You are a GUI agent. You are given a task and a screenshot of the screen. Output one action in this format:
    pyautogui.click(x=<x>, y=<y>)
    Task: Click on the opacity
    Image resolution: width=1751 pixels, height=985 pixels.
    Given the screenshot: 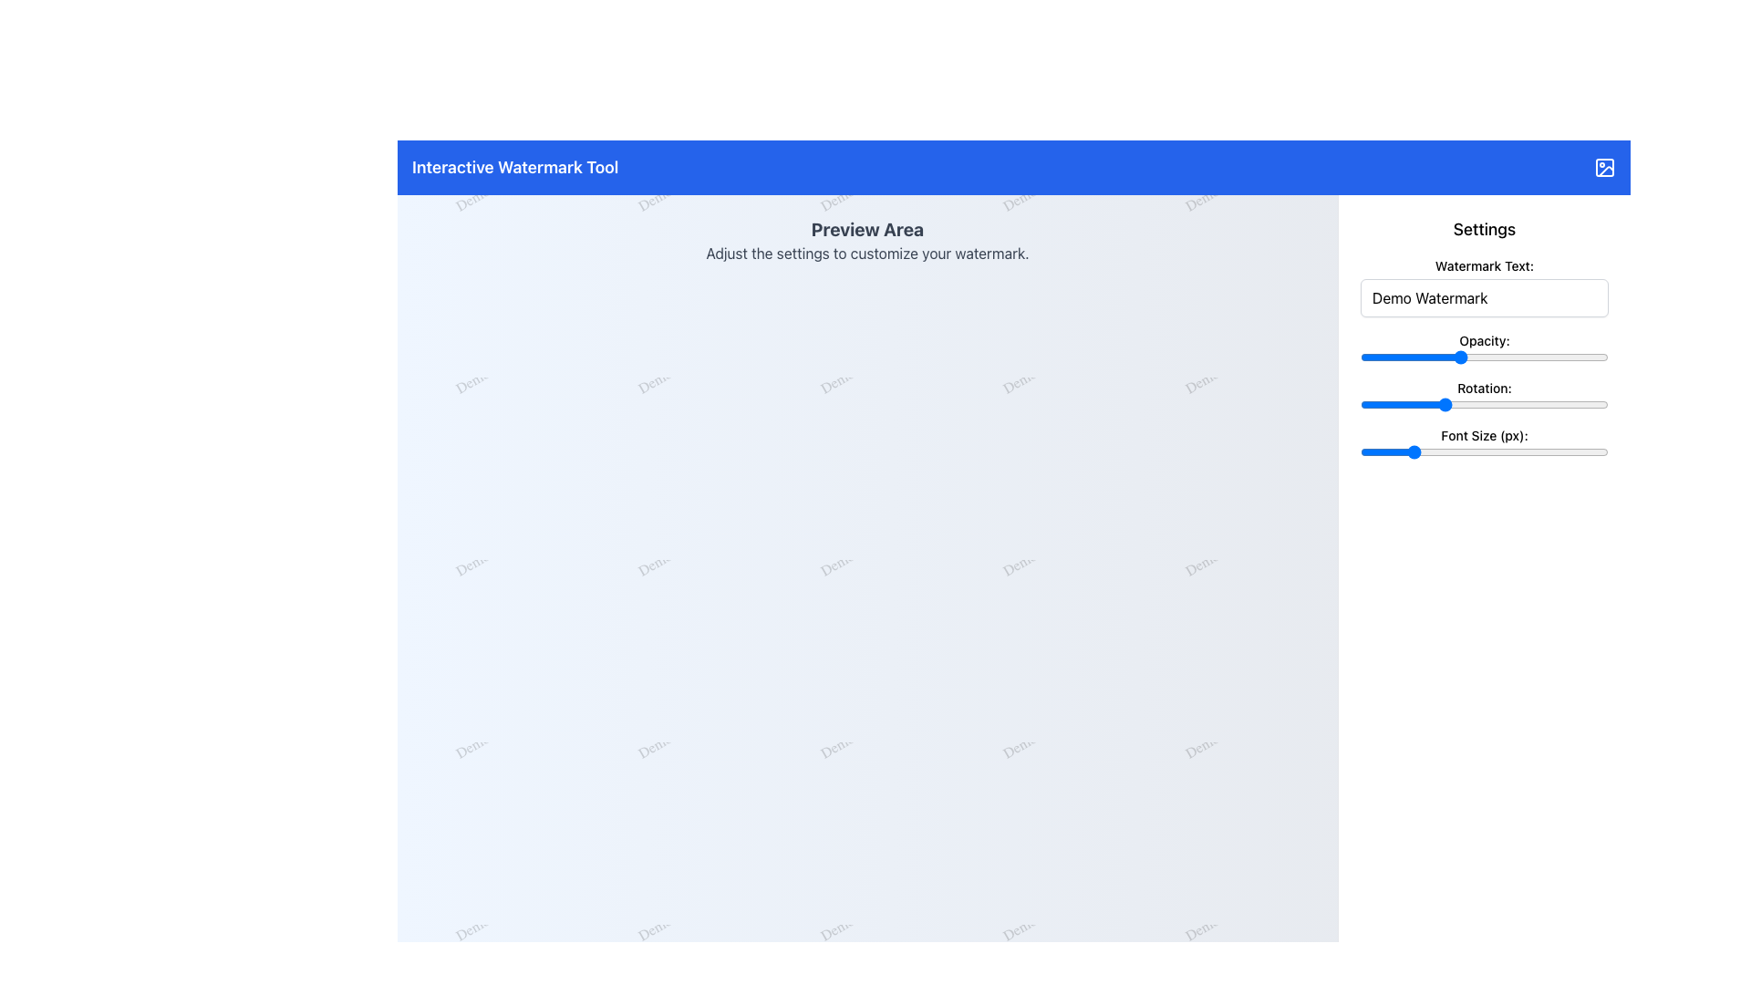 What is the action you would take?
    pyautogui.click(x=1361, y=358)
    